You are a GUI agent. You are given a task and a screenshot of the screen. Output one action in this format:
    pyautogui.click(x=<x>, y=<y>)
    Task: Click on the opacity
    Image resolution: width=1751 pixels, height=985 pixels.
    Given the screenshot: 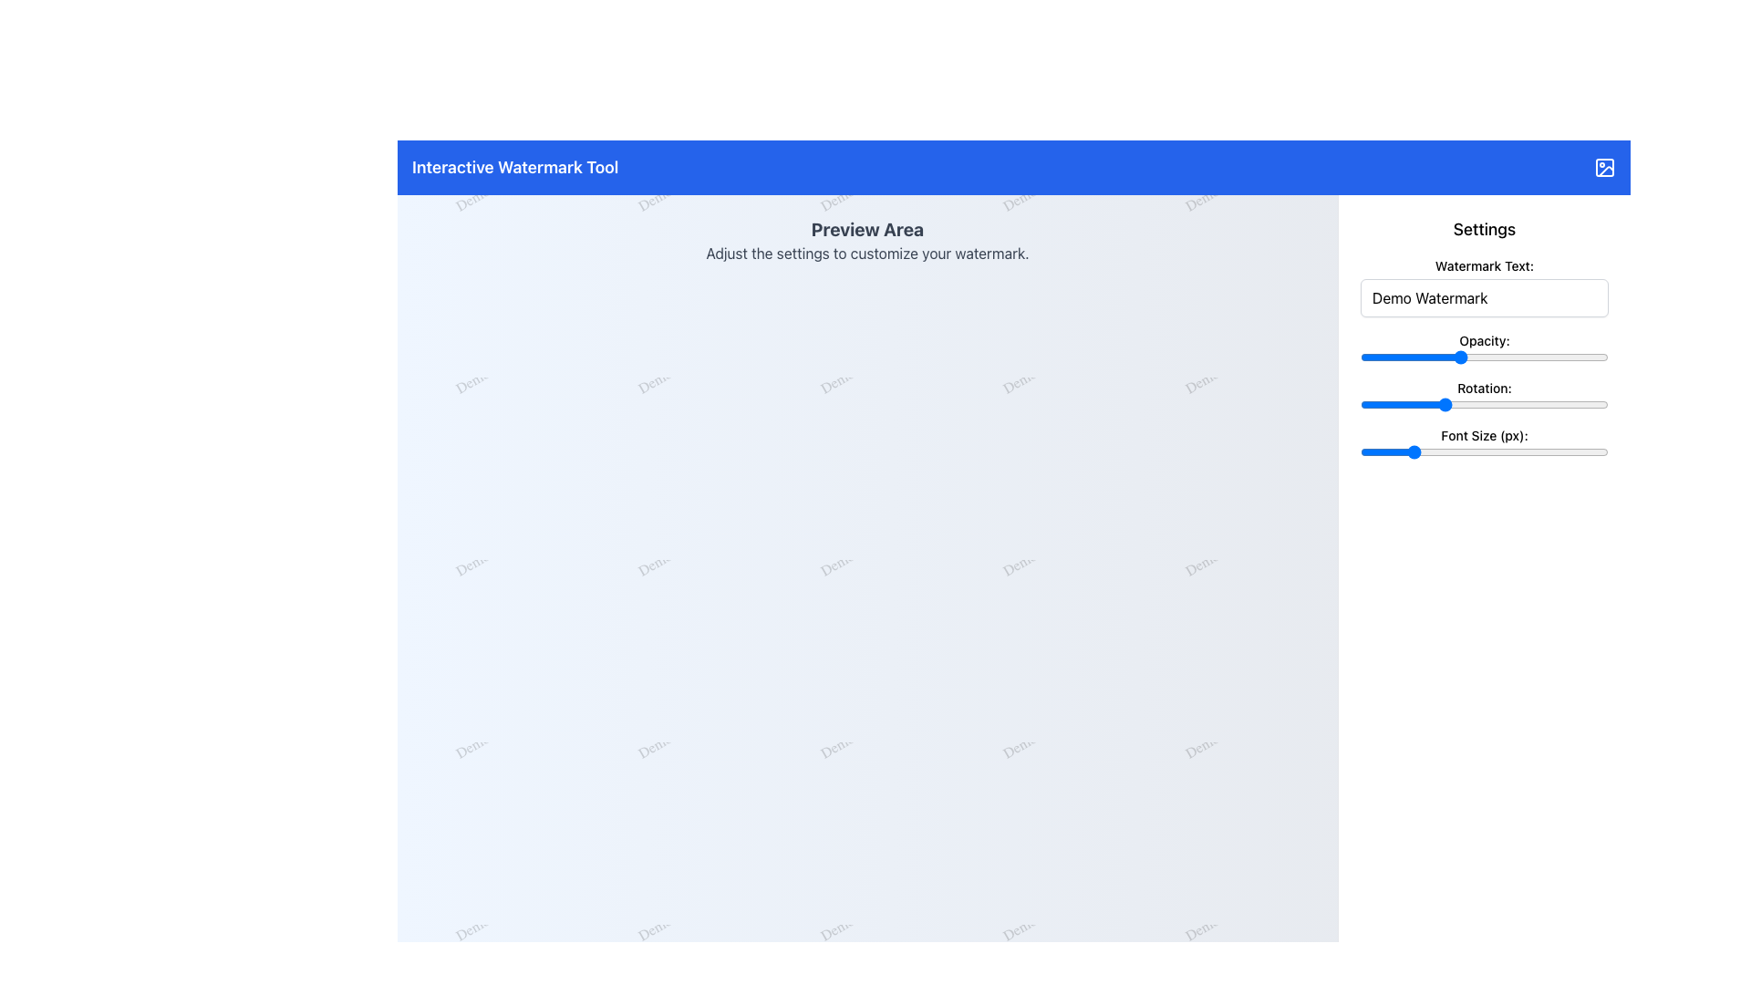 What is the action you would take?
    pyautogui.click(x=1361, y=358)
    